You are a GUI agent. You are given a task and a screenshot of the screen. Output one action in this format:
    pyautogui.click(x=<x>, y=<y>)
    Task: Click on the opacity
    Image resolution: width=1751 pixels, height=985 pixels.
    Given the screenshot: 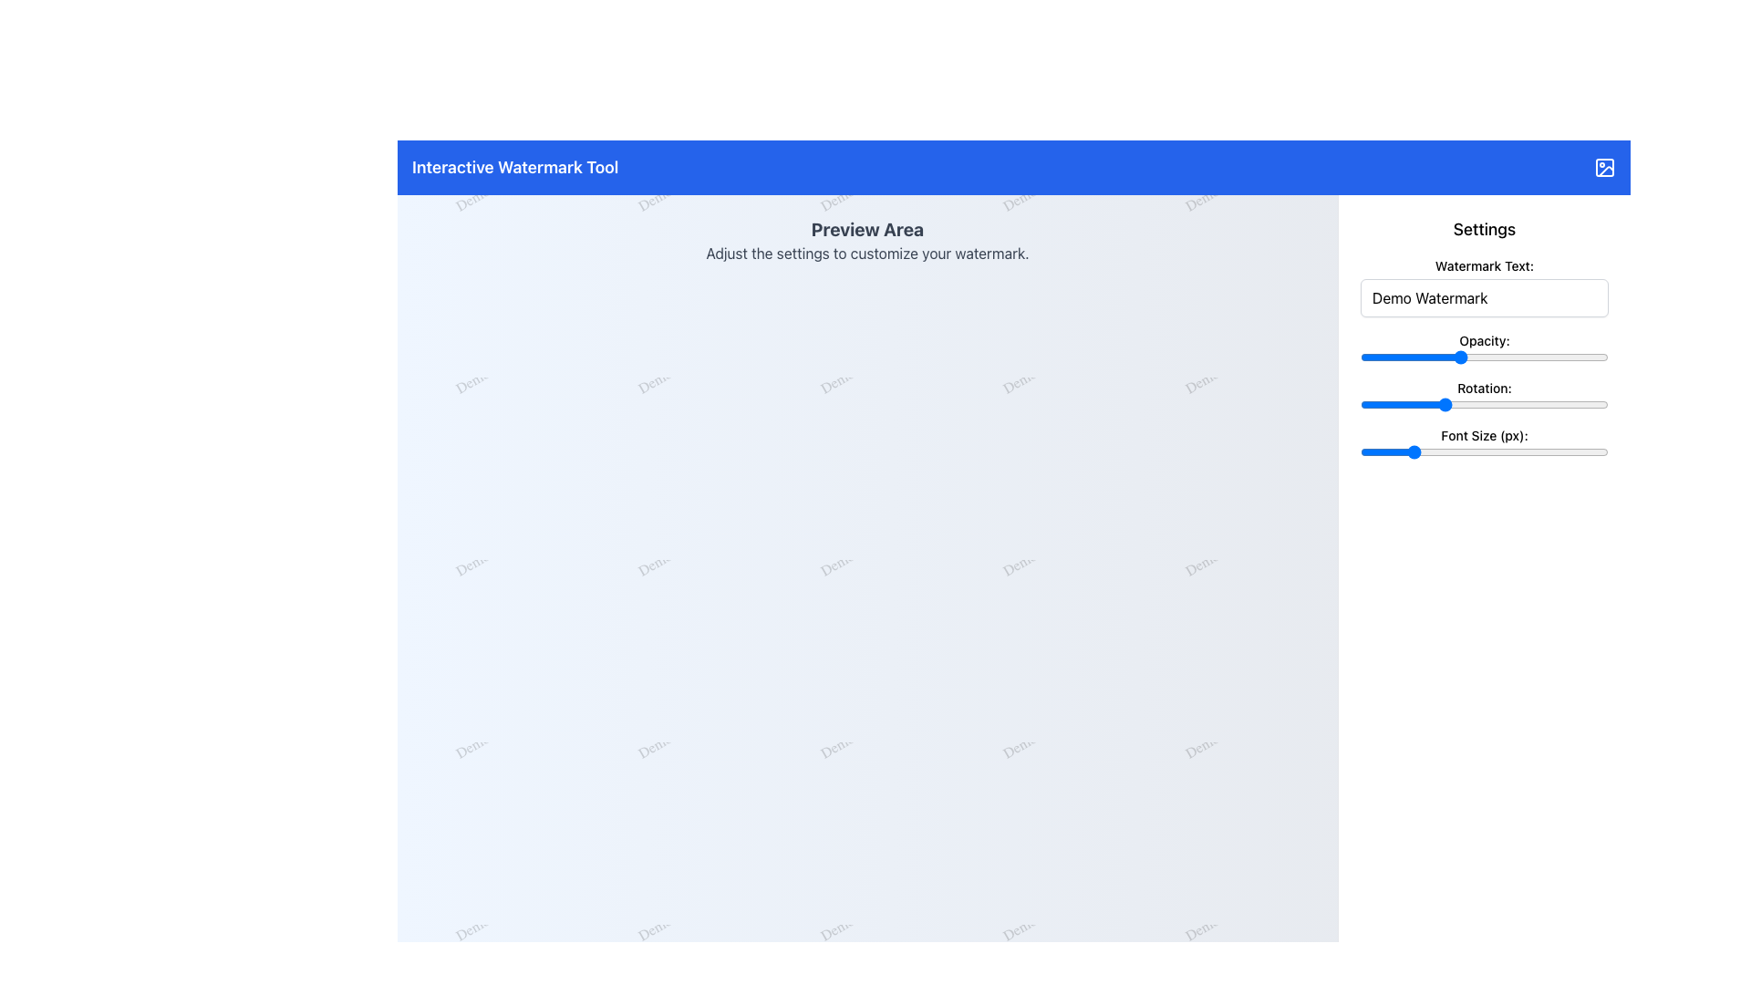 What is the action you would take?
    pyautogui.click(x=1361, y=358)
    